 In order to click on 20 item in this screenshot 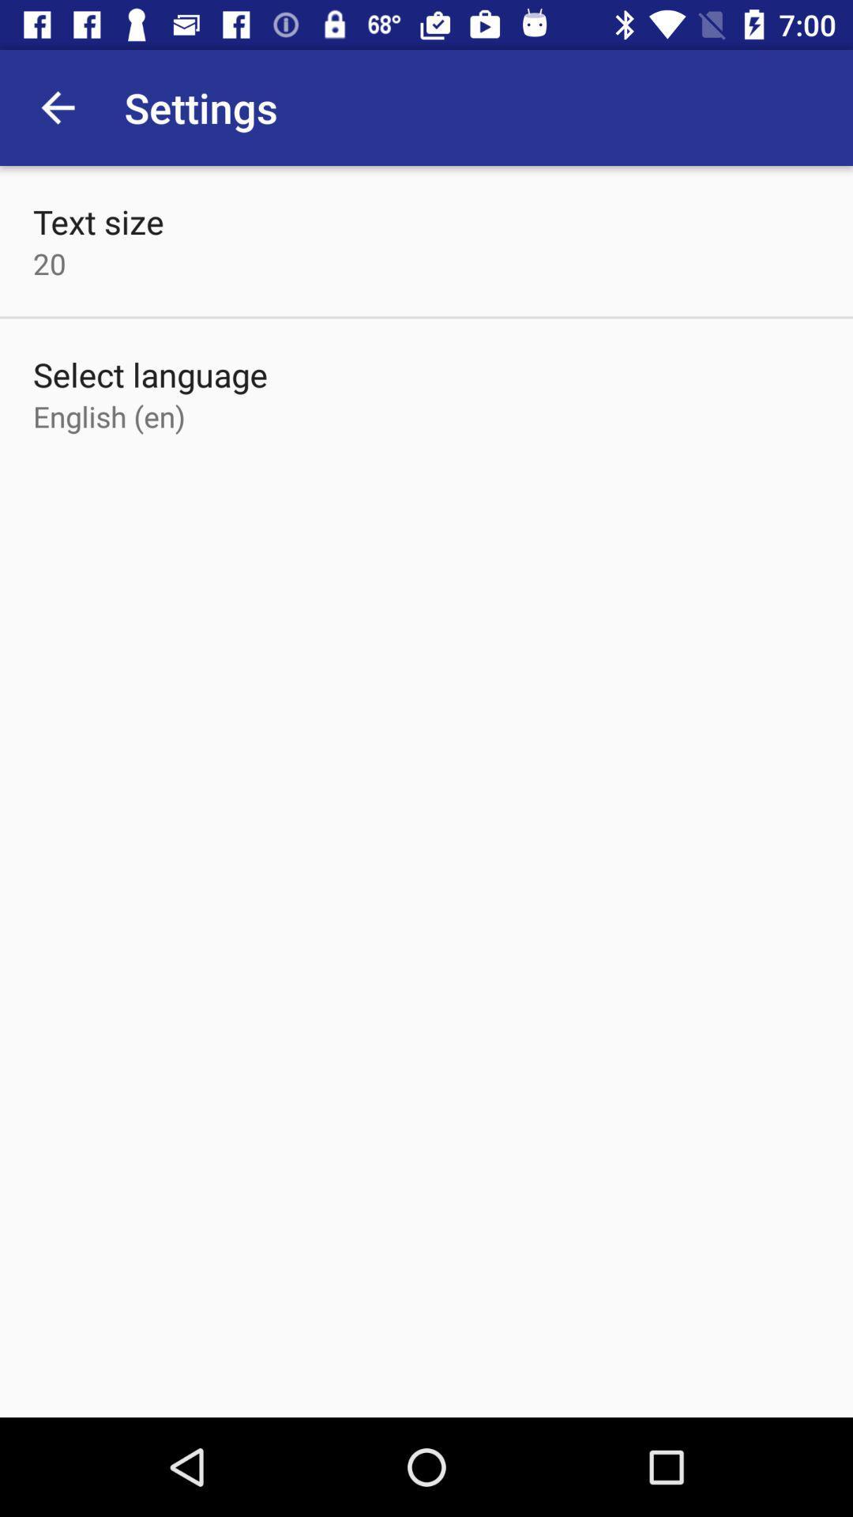, I will do `click(48, 263)`.